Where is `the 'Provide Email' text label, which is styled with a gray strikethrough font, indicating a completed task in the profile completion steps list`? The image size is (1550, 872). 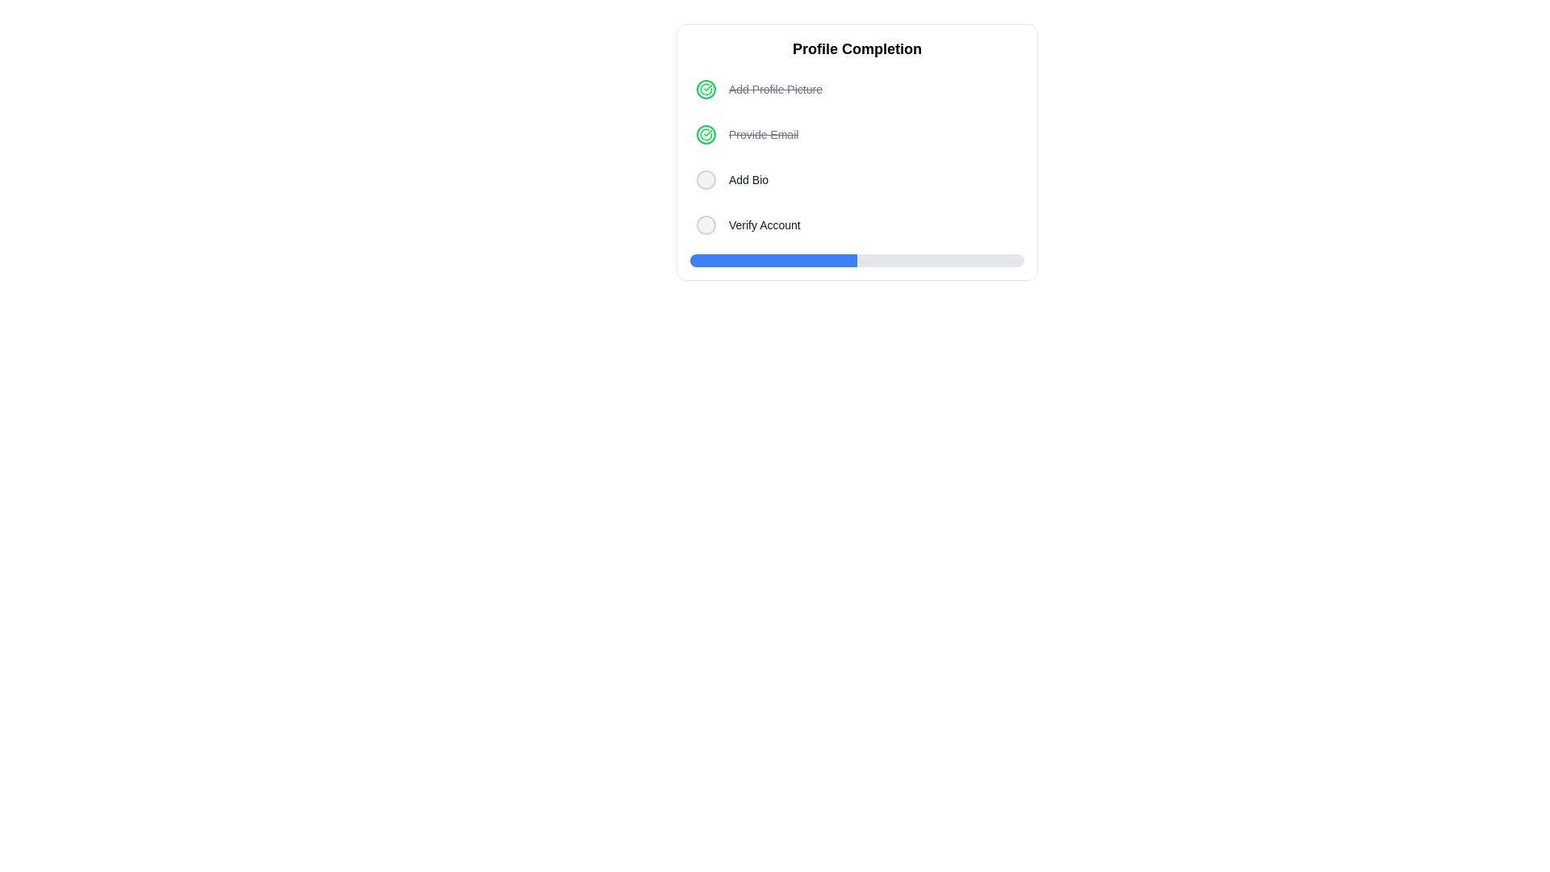 the 'Provide Email' text label, which is styled with a gray strikethrough font, indicating a completed task in the profile completion steps list is located at coordinates (763, 133).